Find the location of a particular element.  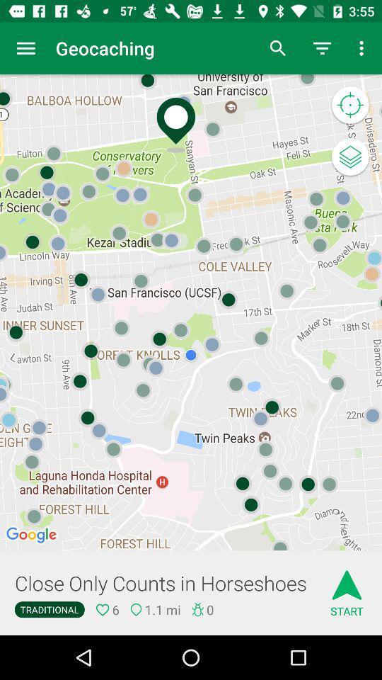

icon to the right of the close only counts icon is located at coordinates (346, 589).